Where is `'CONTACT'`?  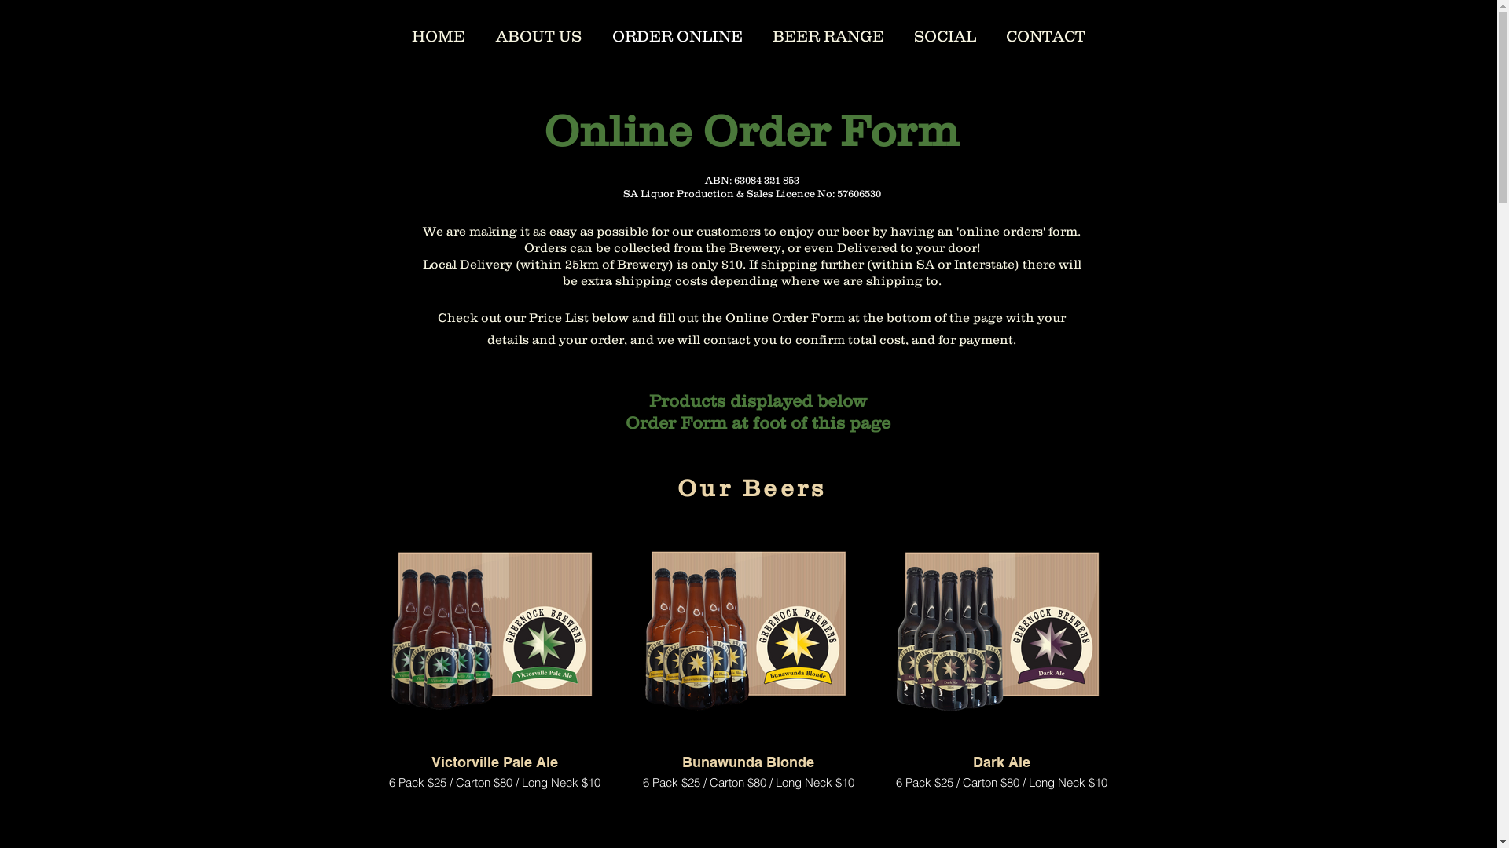 'CONTACT' is located at coordinates (1045, 34).